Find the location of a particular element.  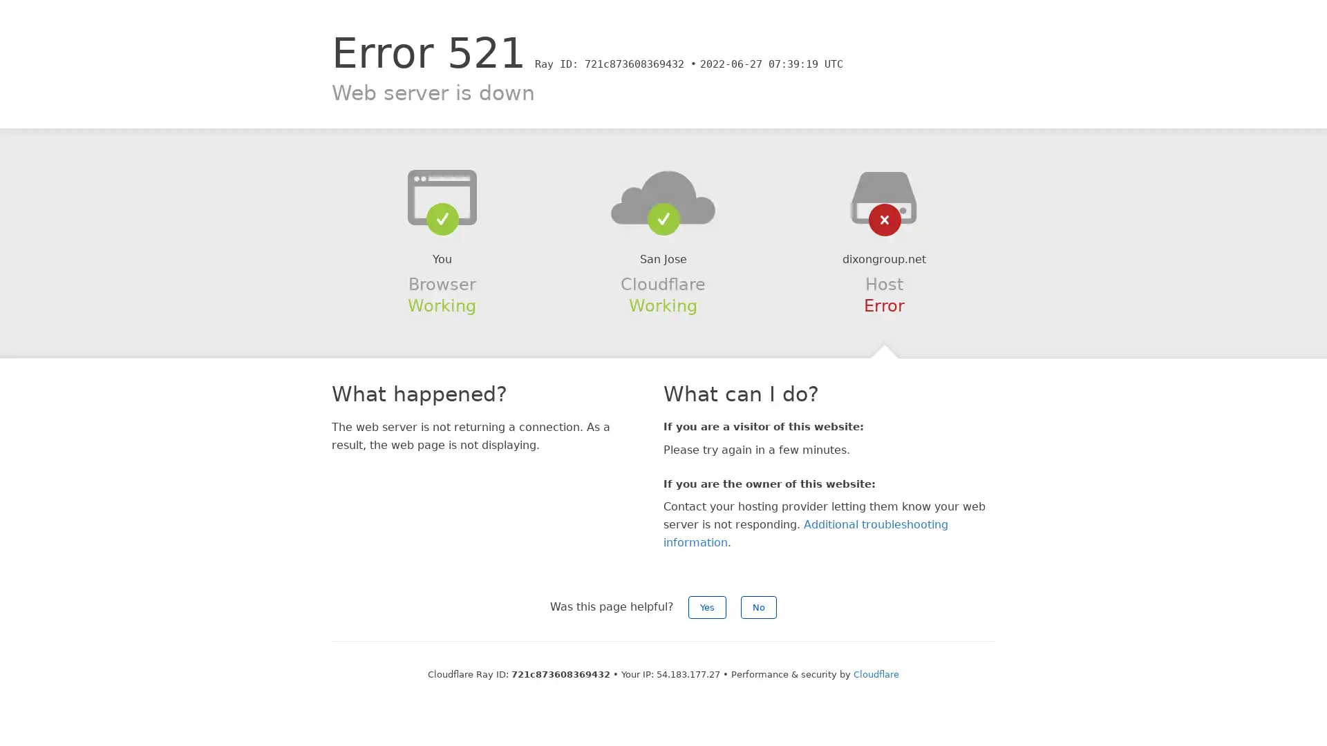

Yes is located at coordinates (707, 606).